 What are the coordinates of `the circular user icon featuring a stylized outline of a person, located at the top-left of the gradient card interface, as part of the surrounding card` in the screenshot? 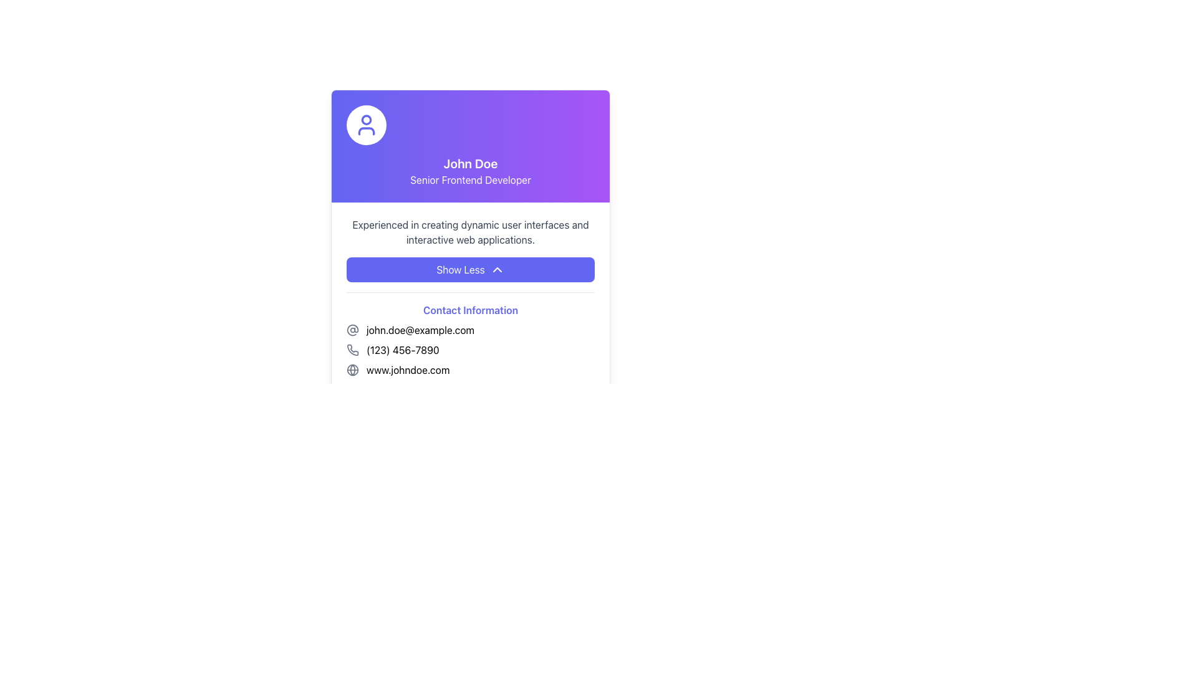 It's located at (366, 125).